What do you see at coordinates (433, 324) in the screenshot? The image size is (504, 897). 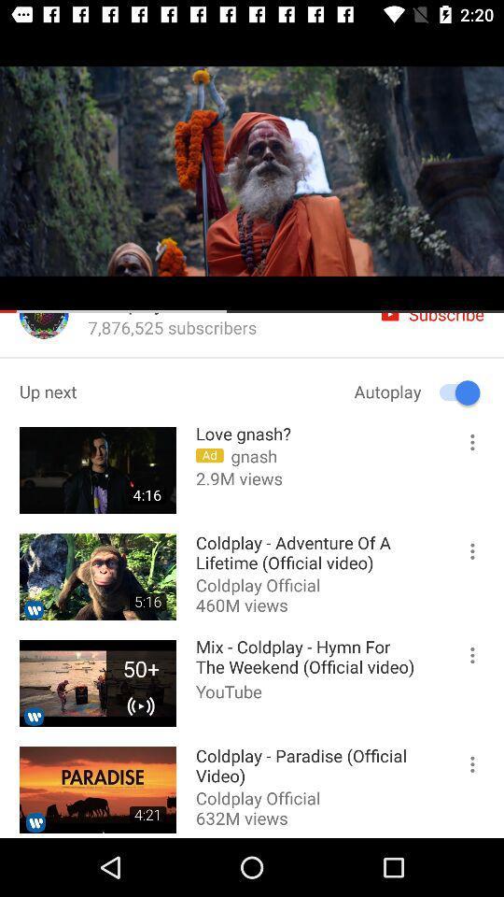 I see `the icon subscribe` at bounding box center [433, 324].